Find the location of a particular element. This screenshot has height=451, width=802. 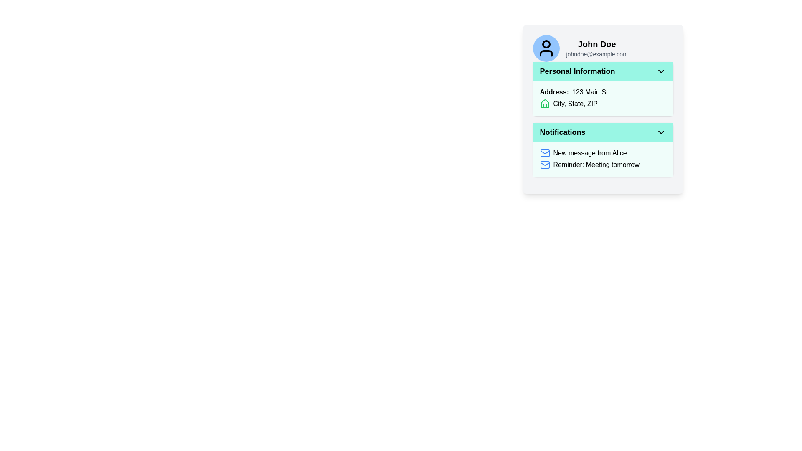

the static text label displaying the user's address 'Address: 123 Main St' located in the 'Personal Information' section of the UI is located at coordinates (603, 92).